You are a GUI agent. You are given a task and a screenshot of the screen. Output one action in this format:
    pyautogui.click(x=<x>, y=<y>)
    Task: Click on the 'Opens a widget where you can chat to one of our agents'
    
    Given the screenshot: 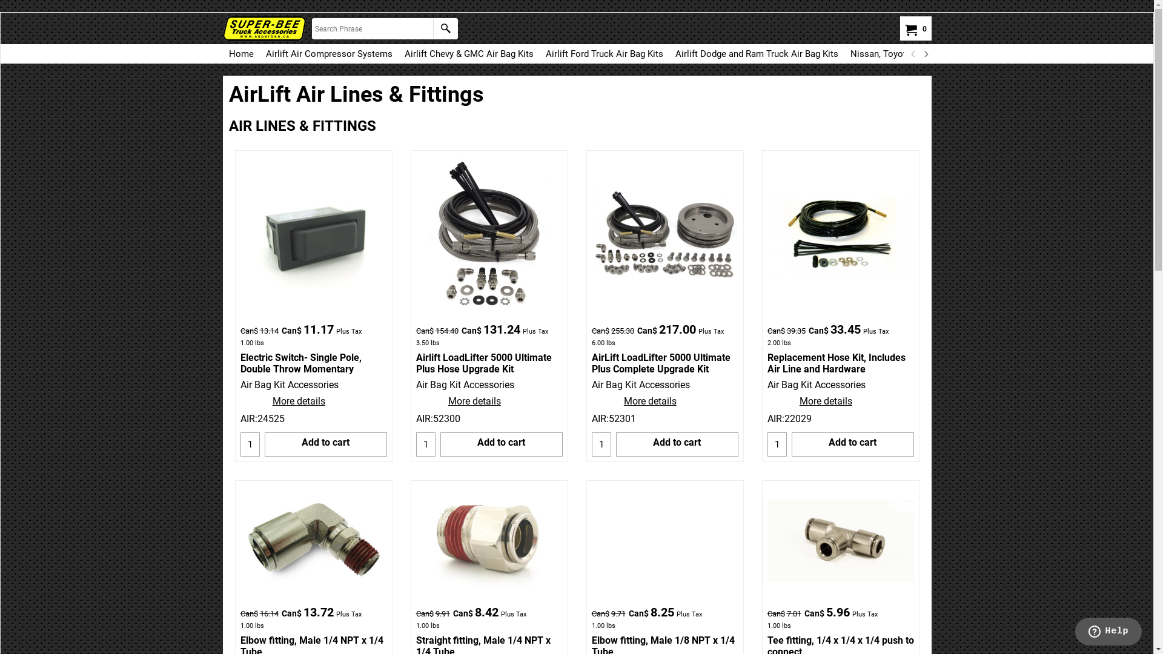 What is the action you would take?
    pyautogui.click(x=1108, y=632)
    